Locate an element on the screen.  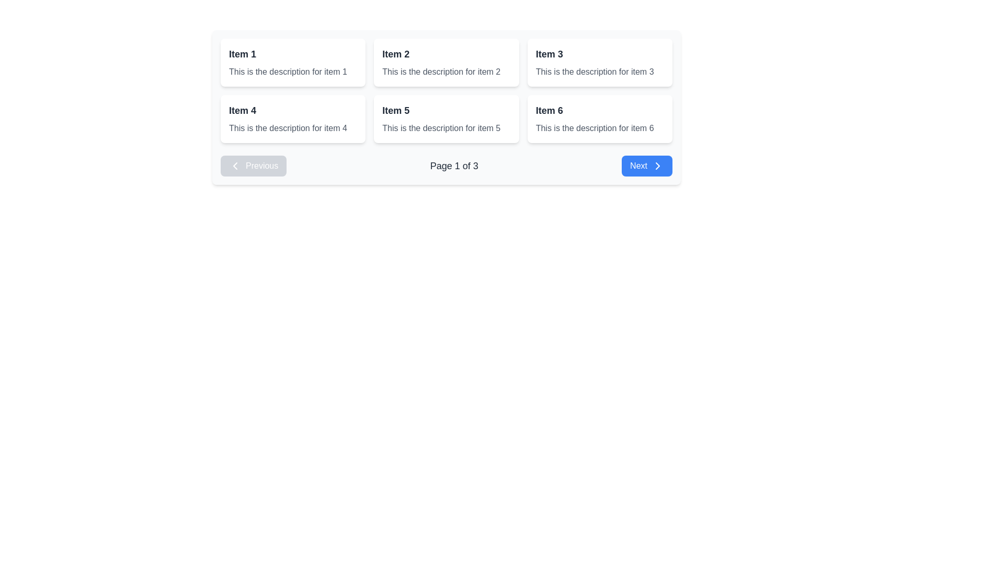
the text label displaying 'Item 1', which is styled in bold dark gray font on a white background, located at the top of the first card in a 3x2 grid layout is located at coordinates (242, 54).